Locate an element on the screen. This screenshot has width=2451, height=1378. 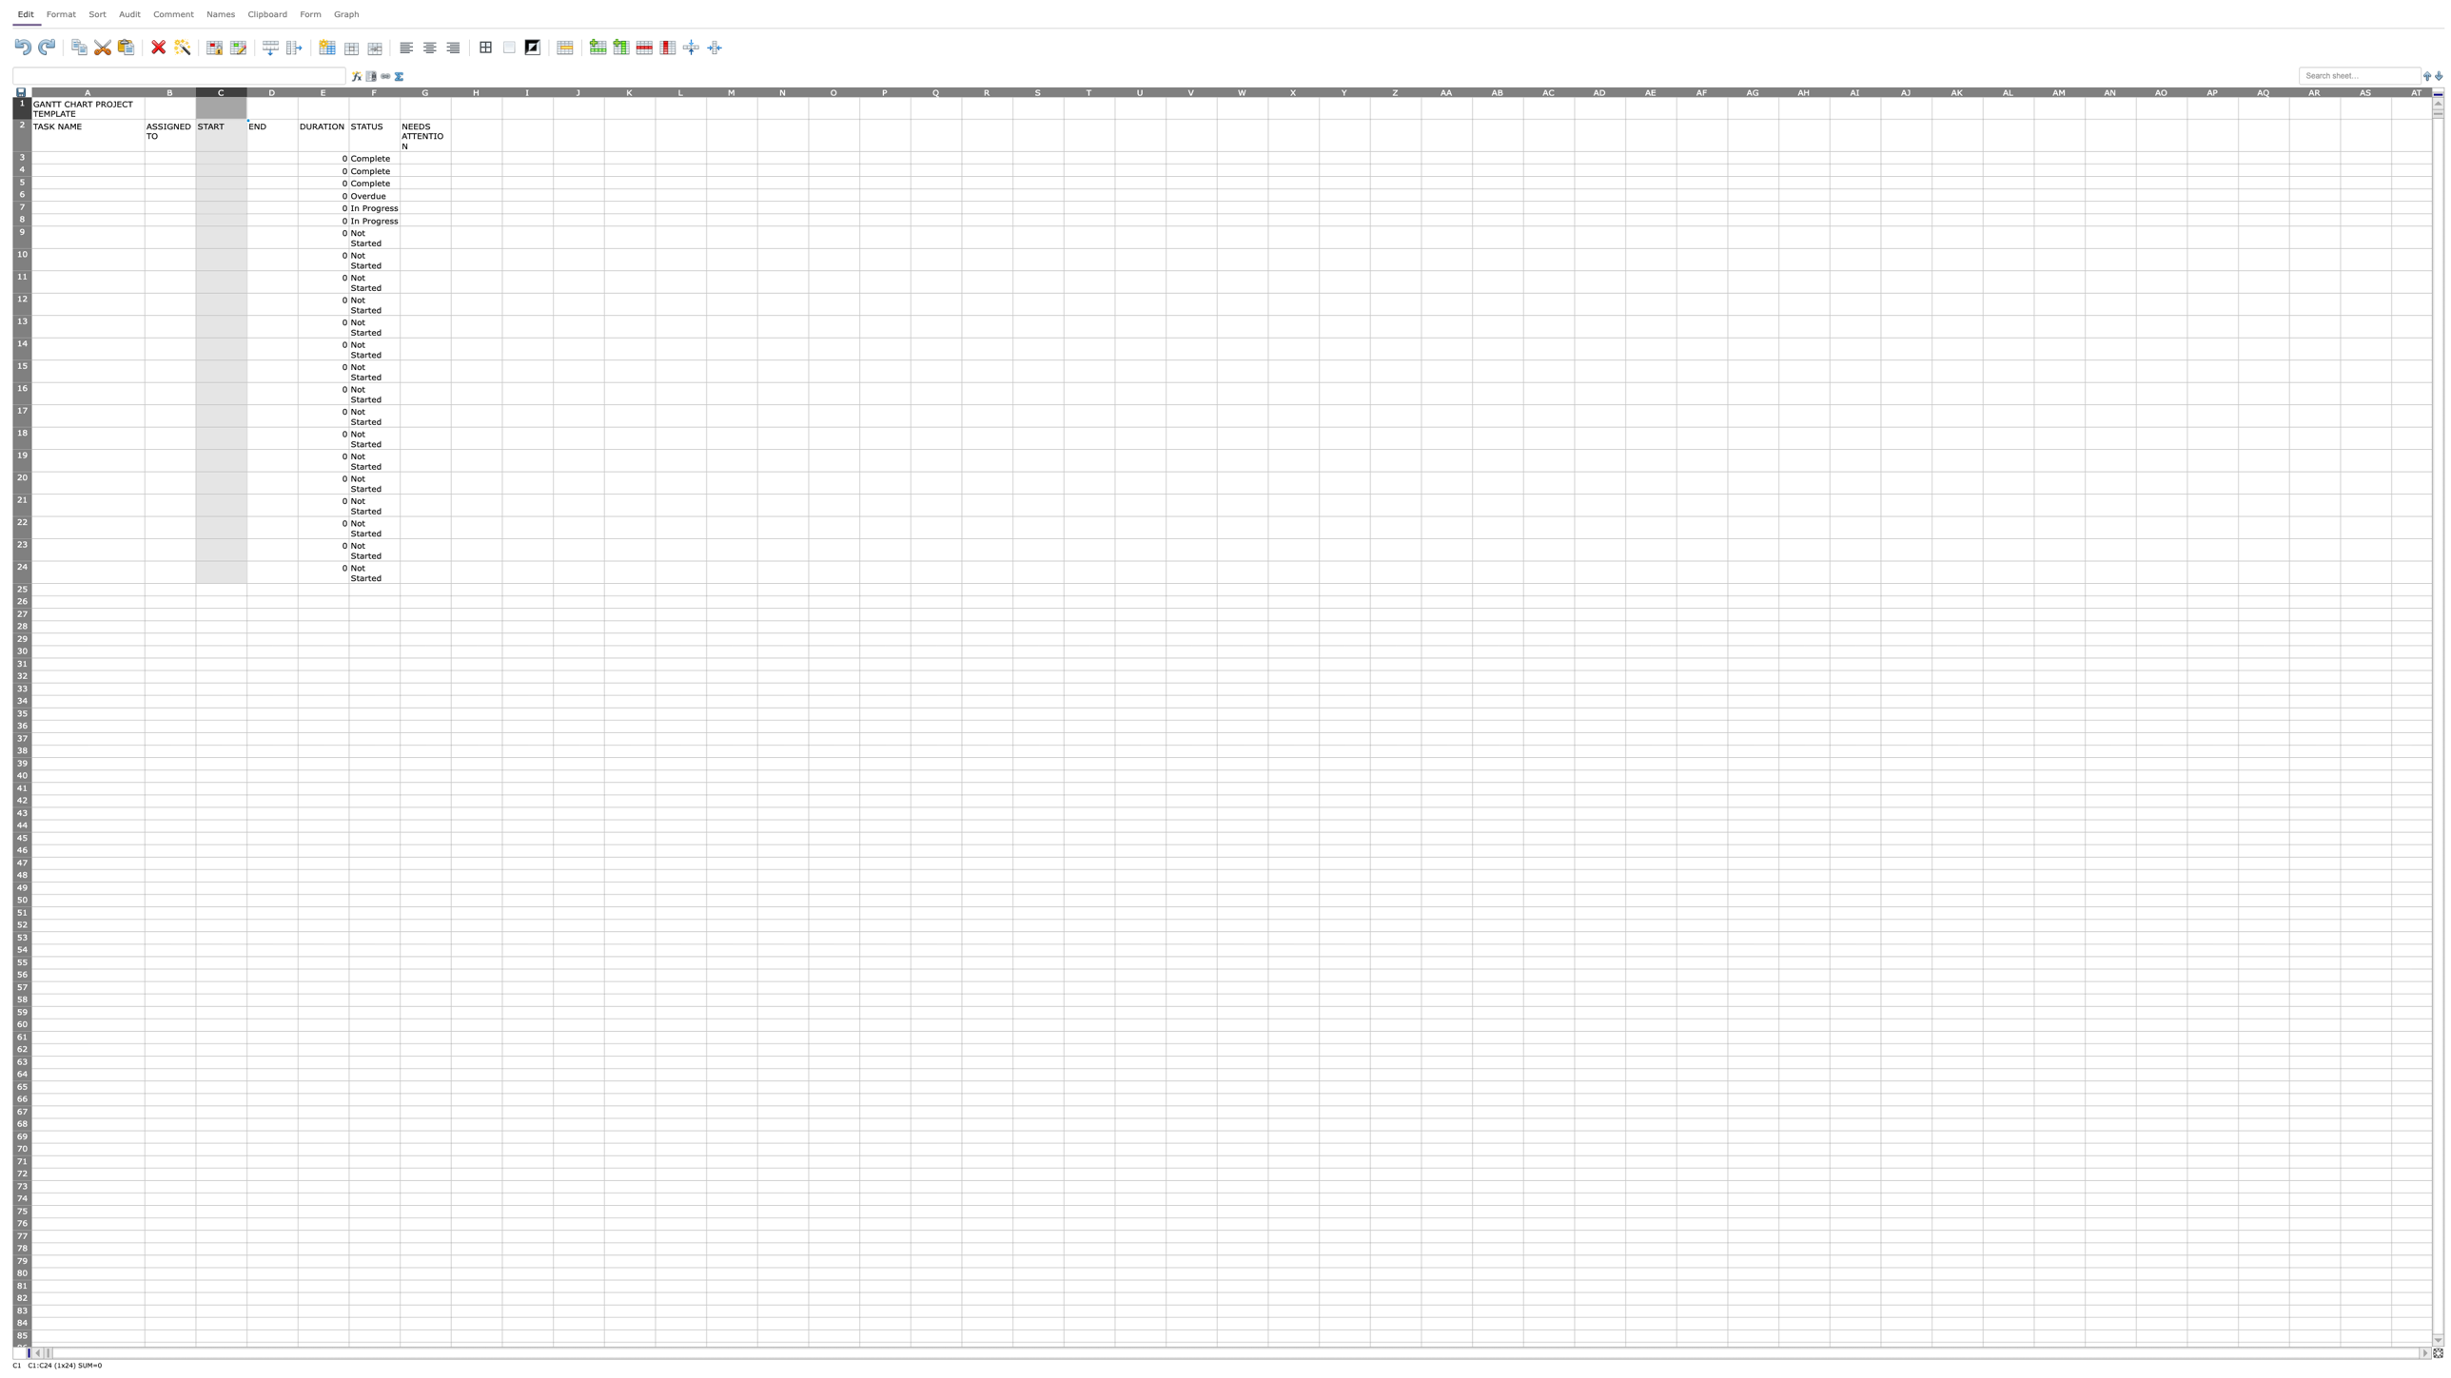
Position mouse at column D's width adjustment area is located at coordinates (297, 90).